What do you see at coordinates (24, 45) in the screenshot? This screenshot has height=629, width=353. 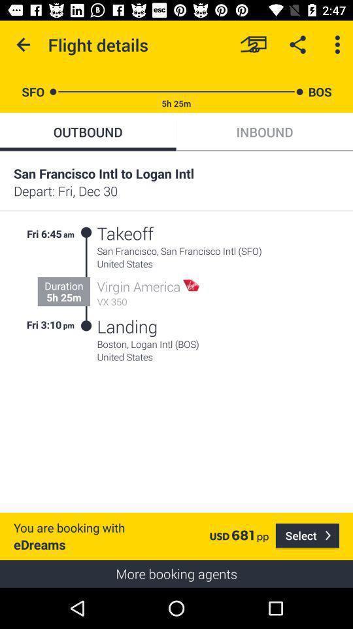 I see `icon next to flight details item` at bounding box center [24, 45].